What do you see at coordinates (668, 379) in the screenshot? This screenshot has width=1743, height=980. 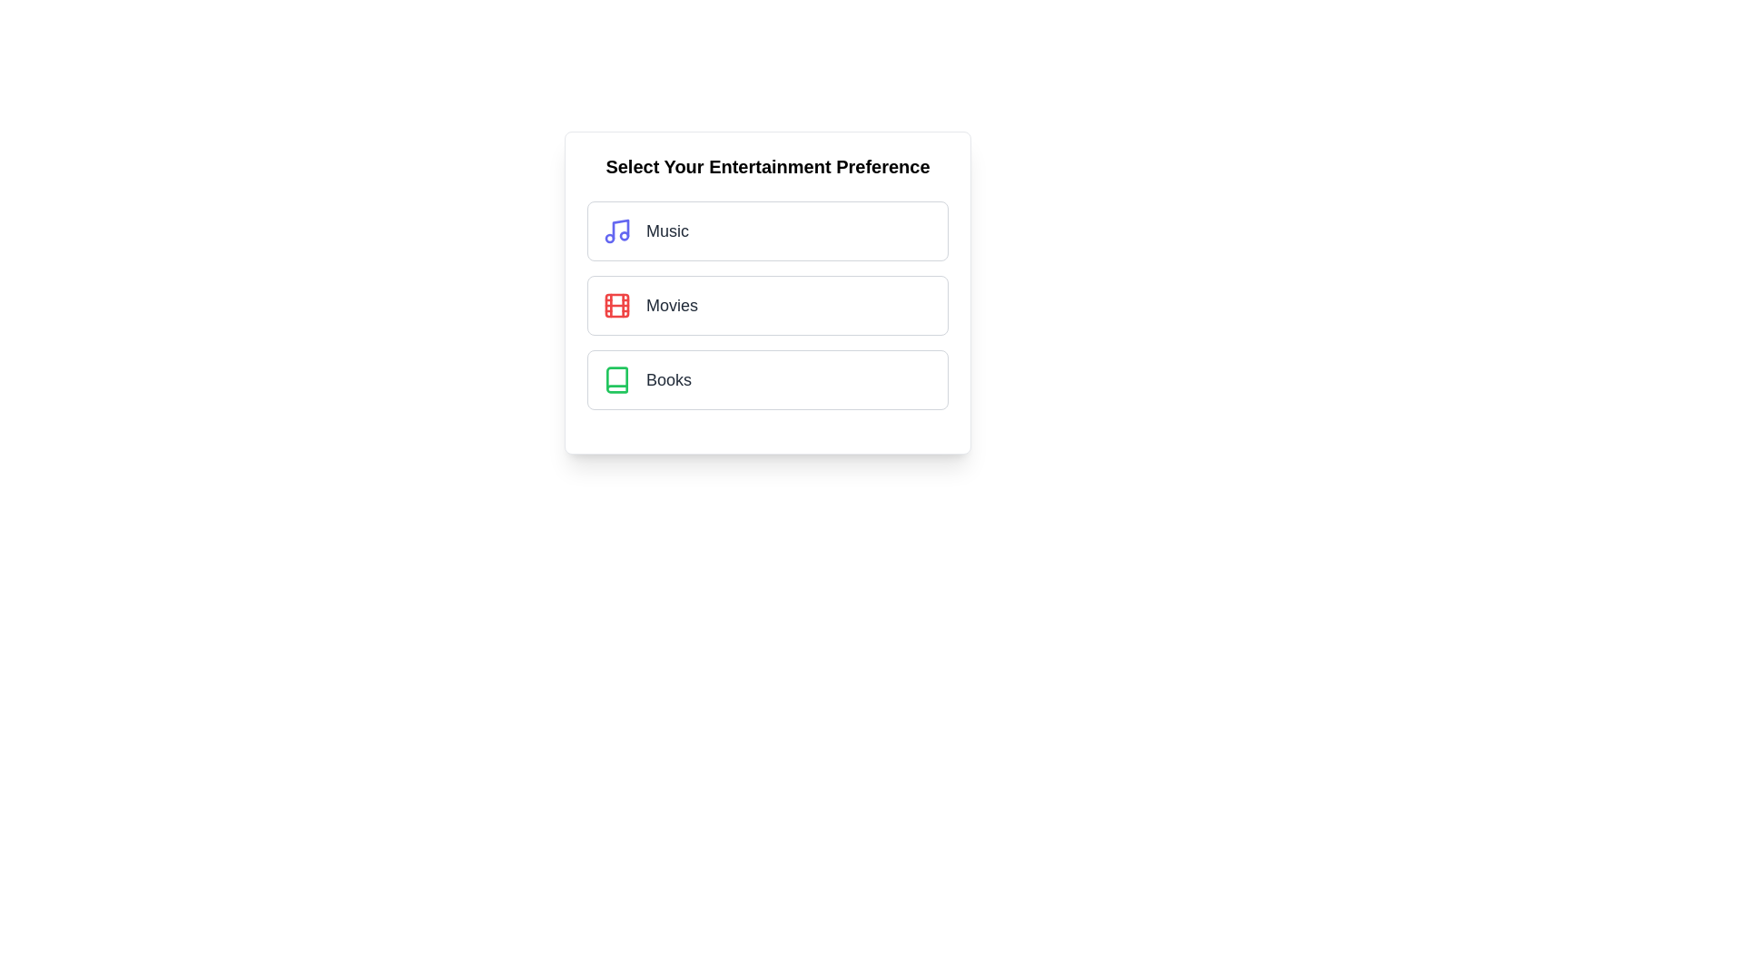 I see `the text label for the 'Books' option in the vertical selection menu, which helps users identify this specific item` at bounding box center [668, 379].